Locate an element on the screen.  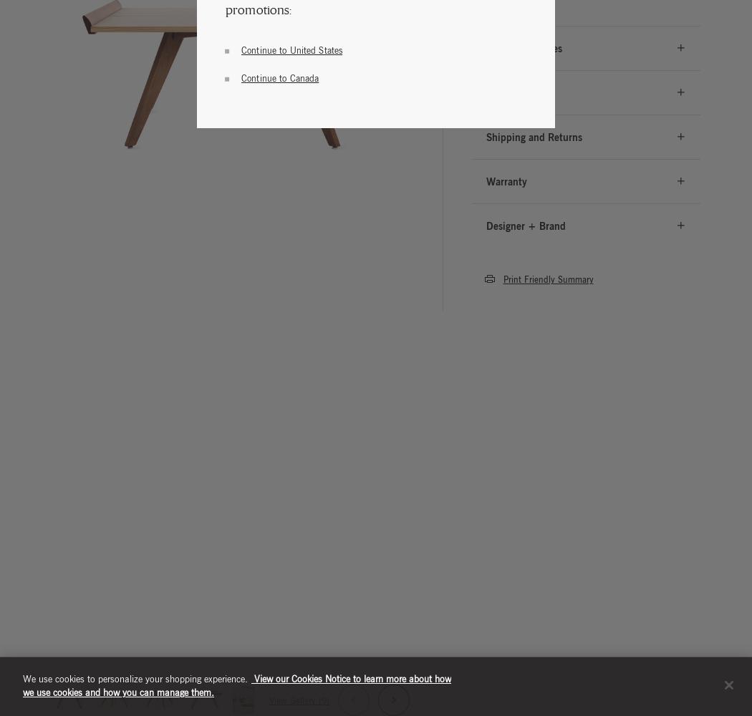
'Continue to Canada' is located at coordinates (280, 76).